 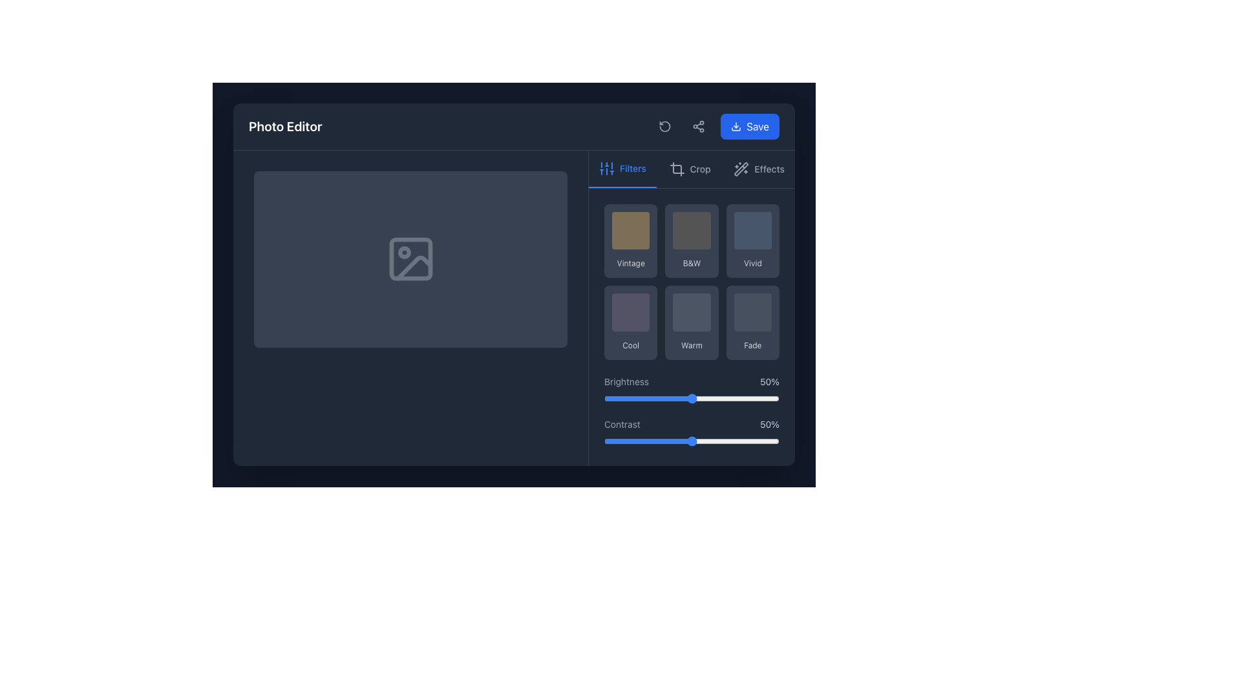 What do you see at coordinates (758, 397) in the screenshot?
I see `the slider` at bounding box center [758, 397].